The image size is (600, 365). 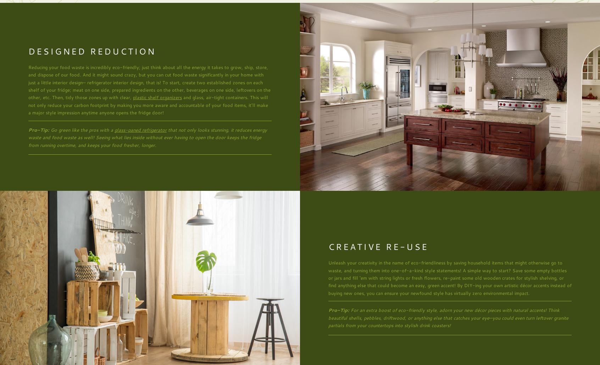 I want to click on 'Reducing your food waste is incredibly eco-friendly; just think about all the energy it takes to grow, ship, store, and dispose of our food. And it might sound crazy, but you can cut food waste significantly in your home with just a little interior design— refrigerator interior design, that is! To start, create two established zones on each shelf of your fridge; meat on one side, prepared ingredients on the other, beverages on one side, leftovers on the other, etc. Then, tidy those zones up with clear,', so click(x=149, y=82).